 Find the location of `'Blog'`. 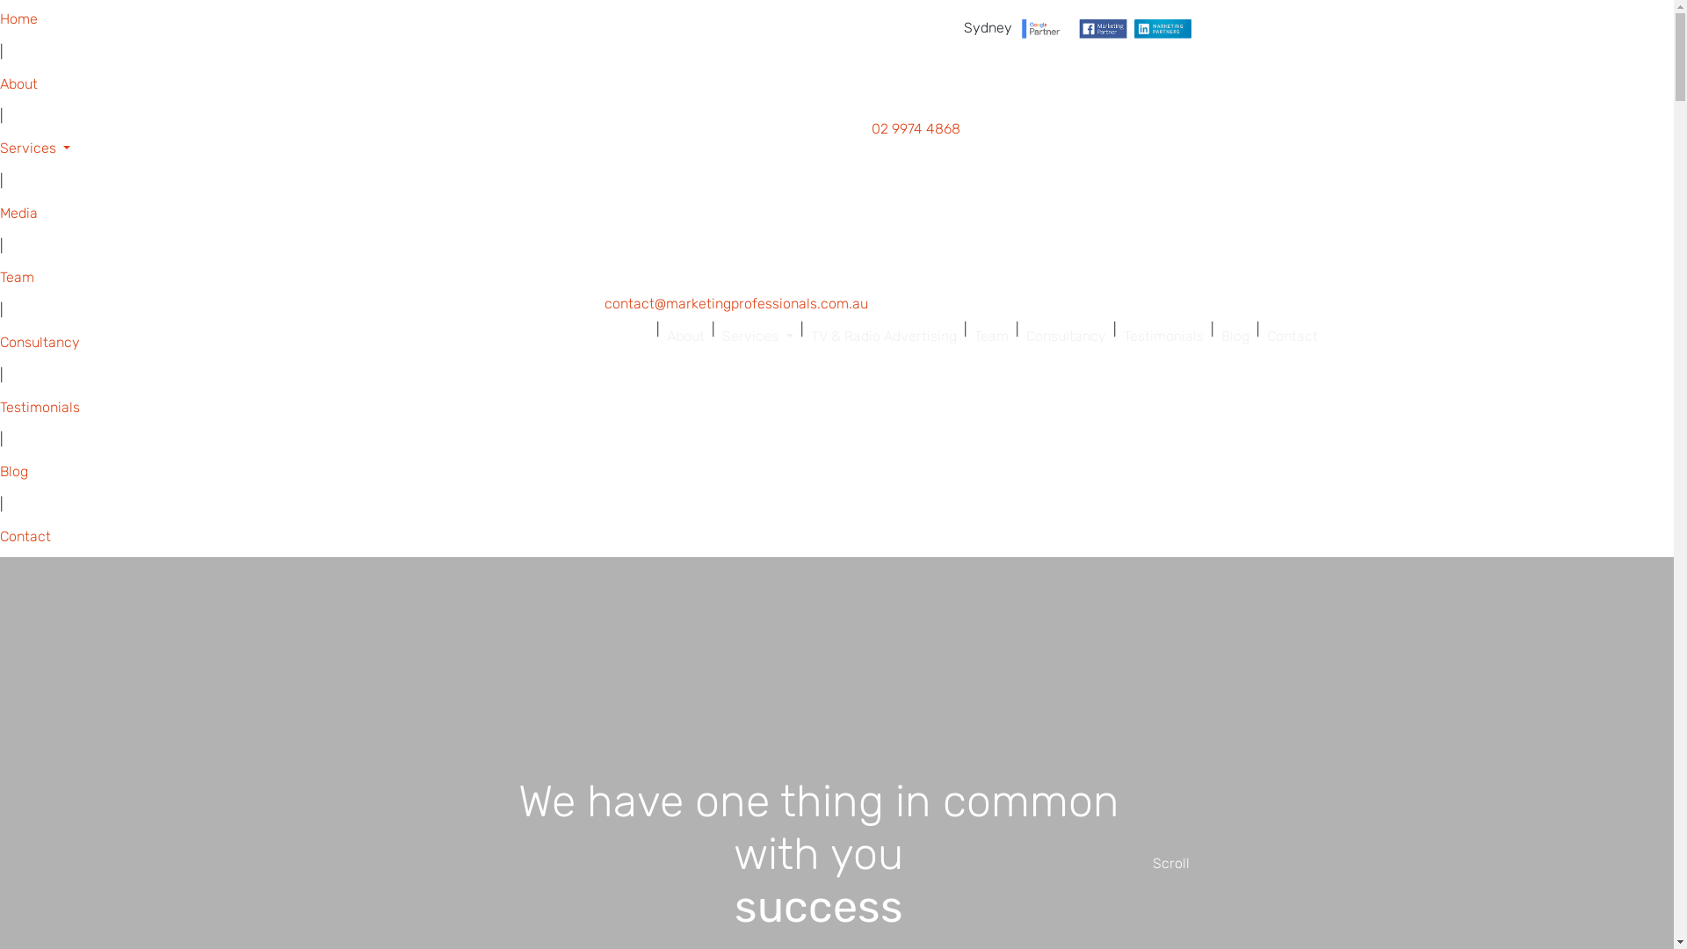

'Blog' is located at coordinates (1234, 337).